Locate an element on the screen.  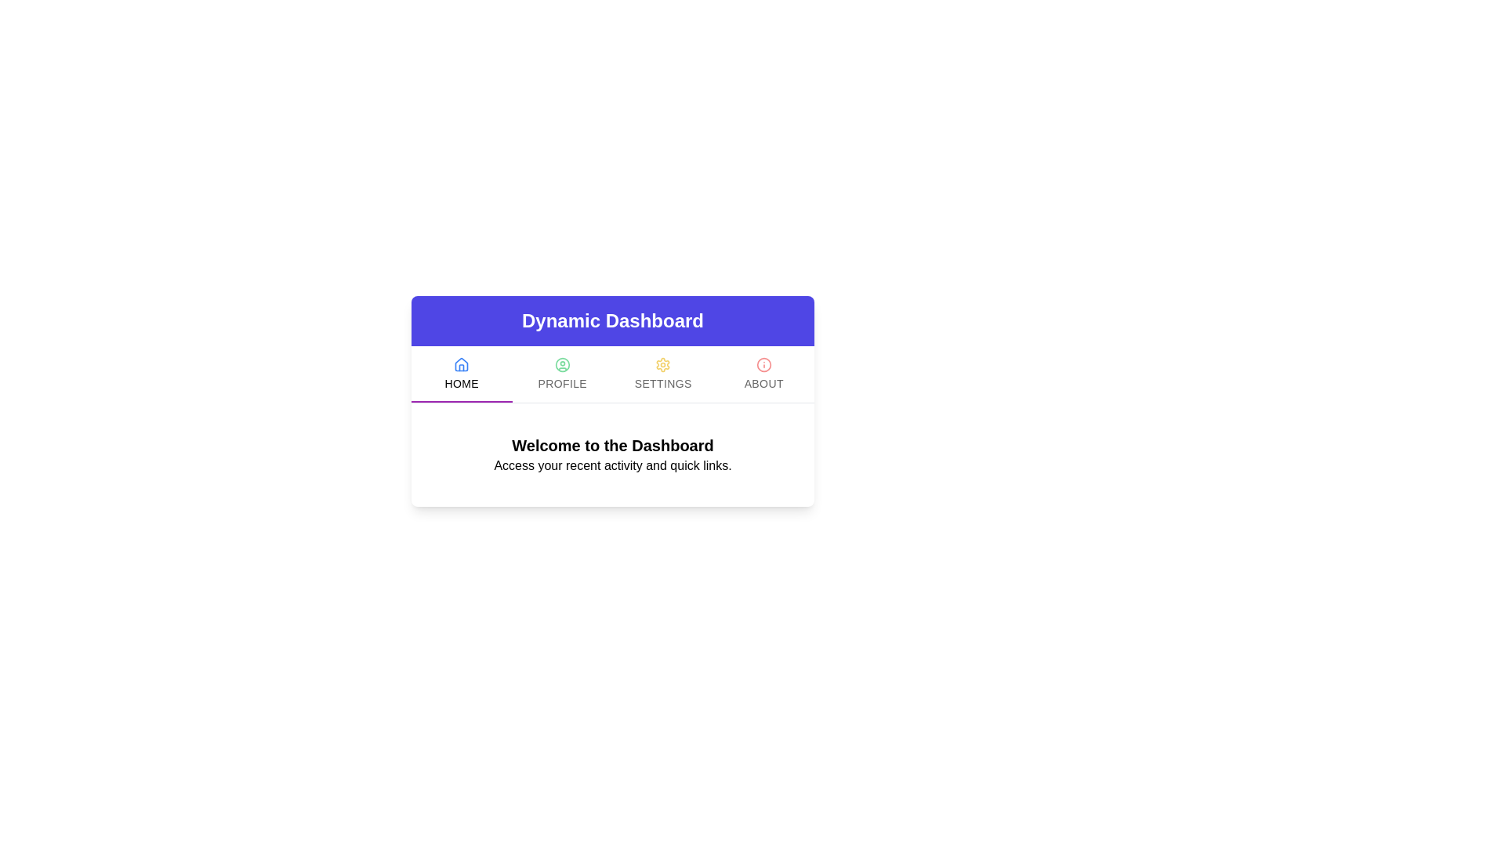
the settings icon located in the navigation bar is located at coordinates (663, 365).